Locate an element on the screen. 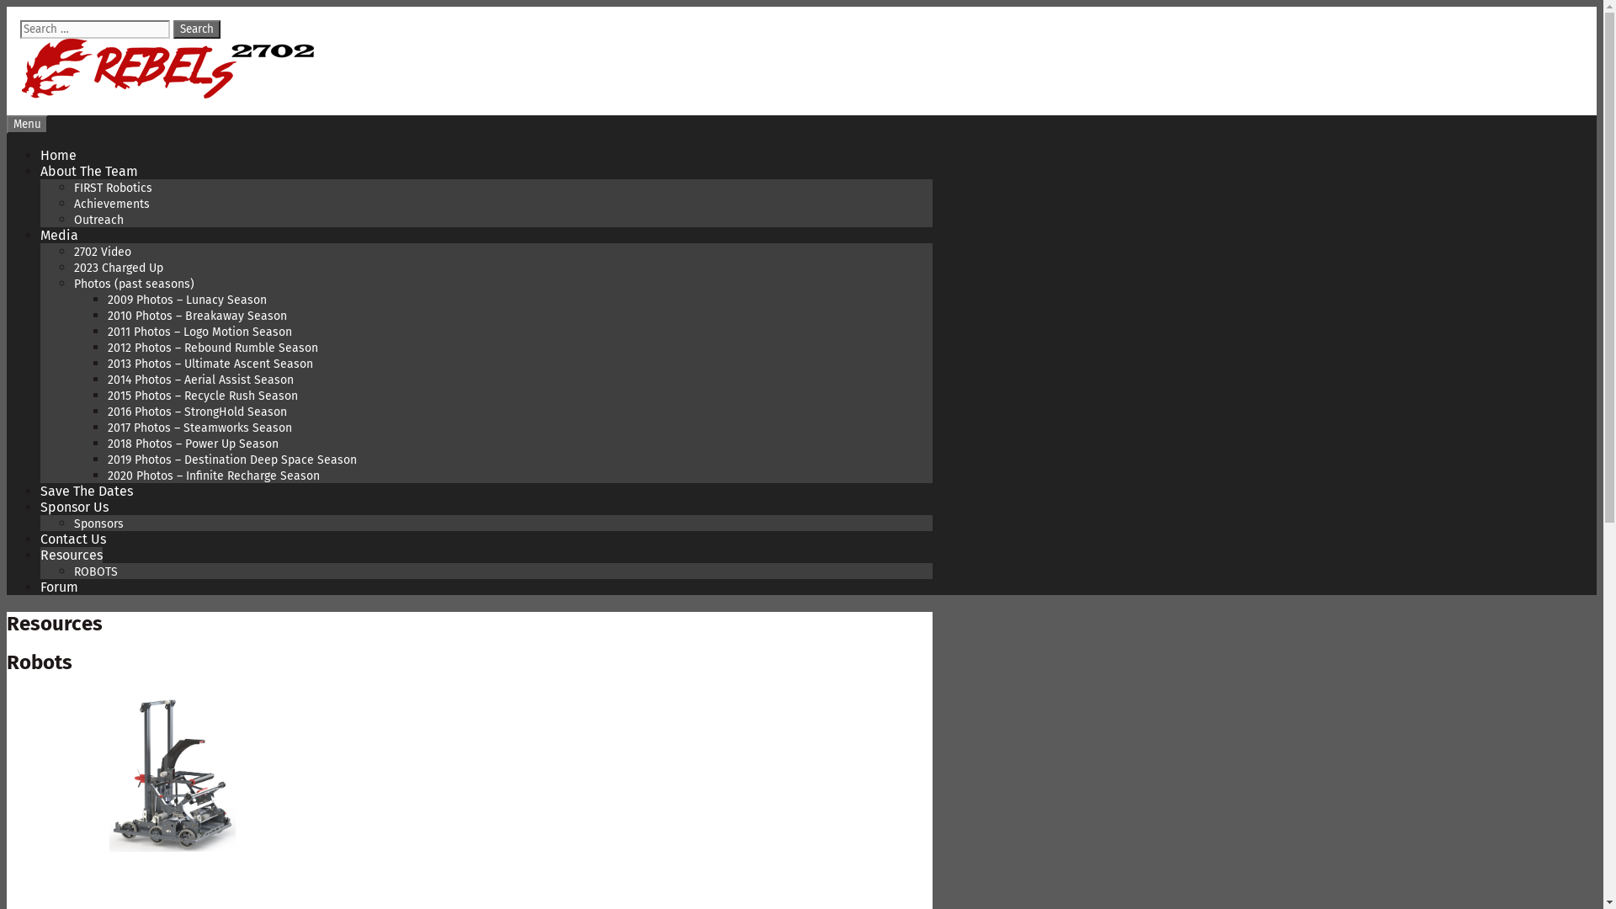 The image size is (1616, 909). 'Search' is located at coordinates (197, 29).